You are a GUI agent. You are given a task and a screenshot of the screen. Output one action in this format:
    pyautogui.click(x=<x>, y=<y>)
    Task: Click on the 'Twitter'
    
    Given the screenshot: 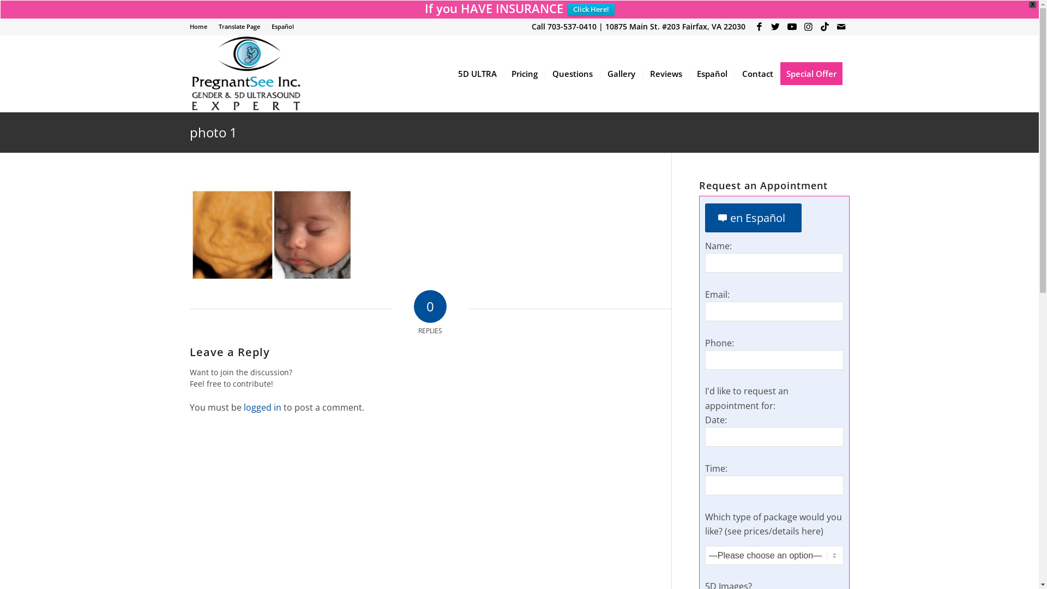 What is the action you would take?
    pyautogui.click(x=775, y=26)
    